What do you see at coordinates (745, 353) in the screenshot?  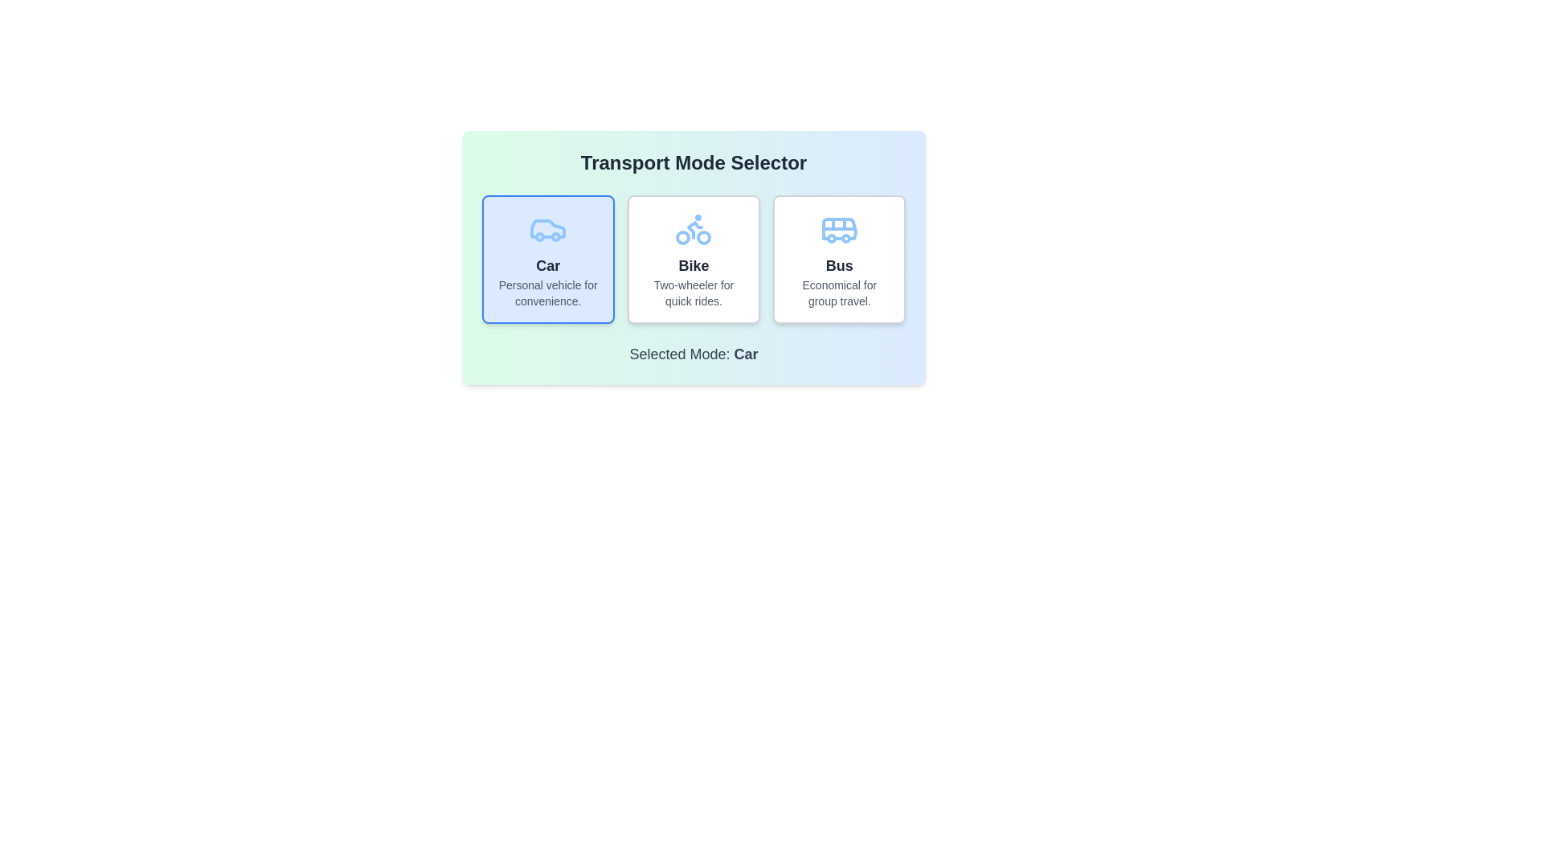 I see `the bold text label 'Car' within the phrase 'Selected Mode: Car' at the bottom of the interface` at bounding box center [745, 353].